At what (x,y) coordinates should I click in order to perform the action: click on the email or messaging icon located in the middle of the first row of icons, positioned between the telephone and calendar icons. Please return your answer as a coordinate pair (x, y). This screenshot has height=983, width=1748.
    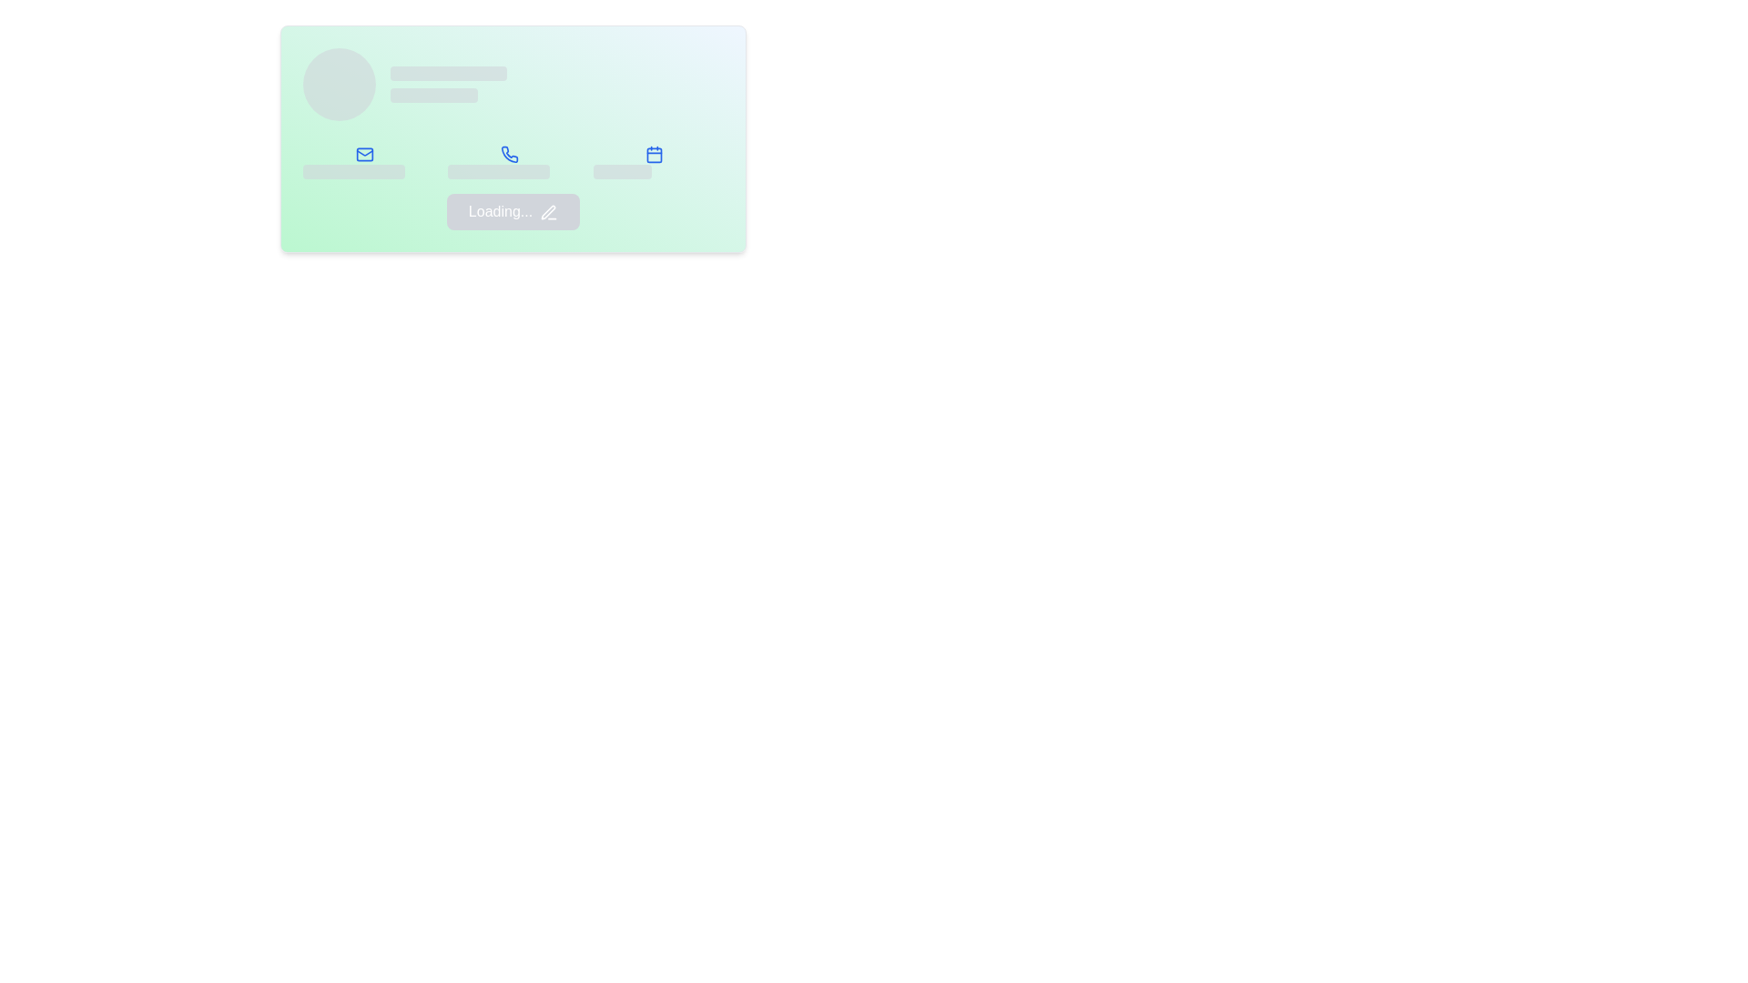
    Looking at the image, I should click on (364, 153).